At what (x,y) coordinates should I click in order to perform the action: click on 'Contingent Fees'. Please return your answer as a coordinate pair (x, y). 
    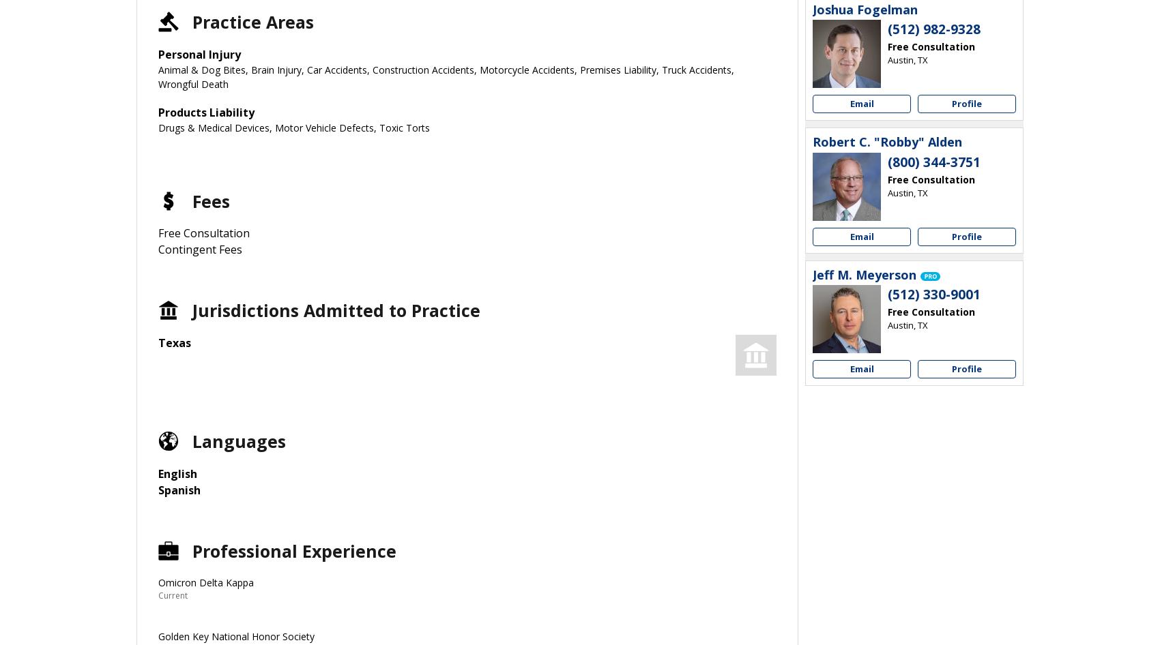
    Looking at the image, I should click on (158, 250).